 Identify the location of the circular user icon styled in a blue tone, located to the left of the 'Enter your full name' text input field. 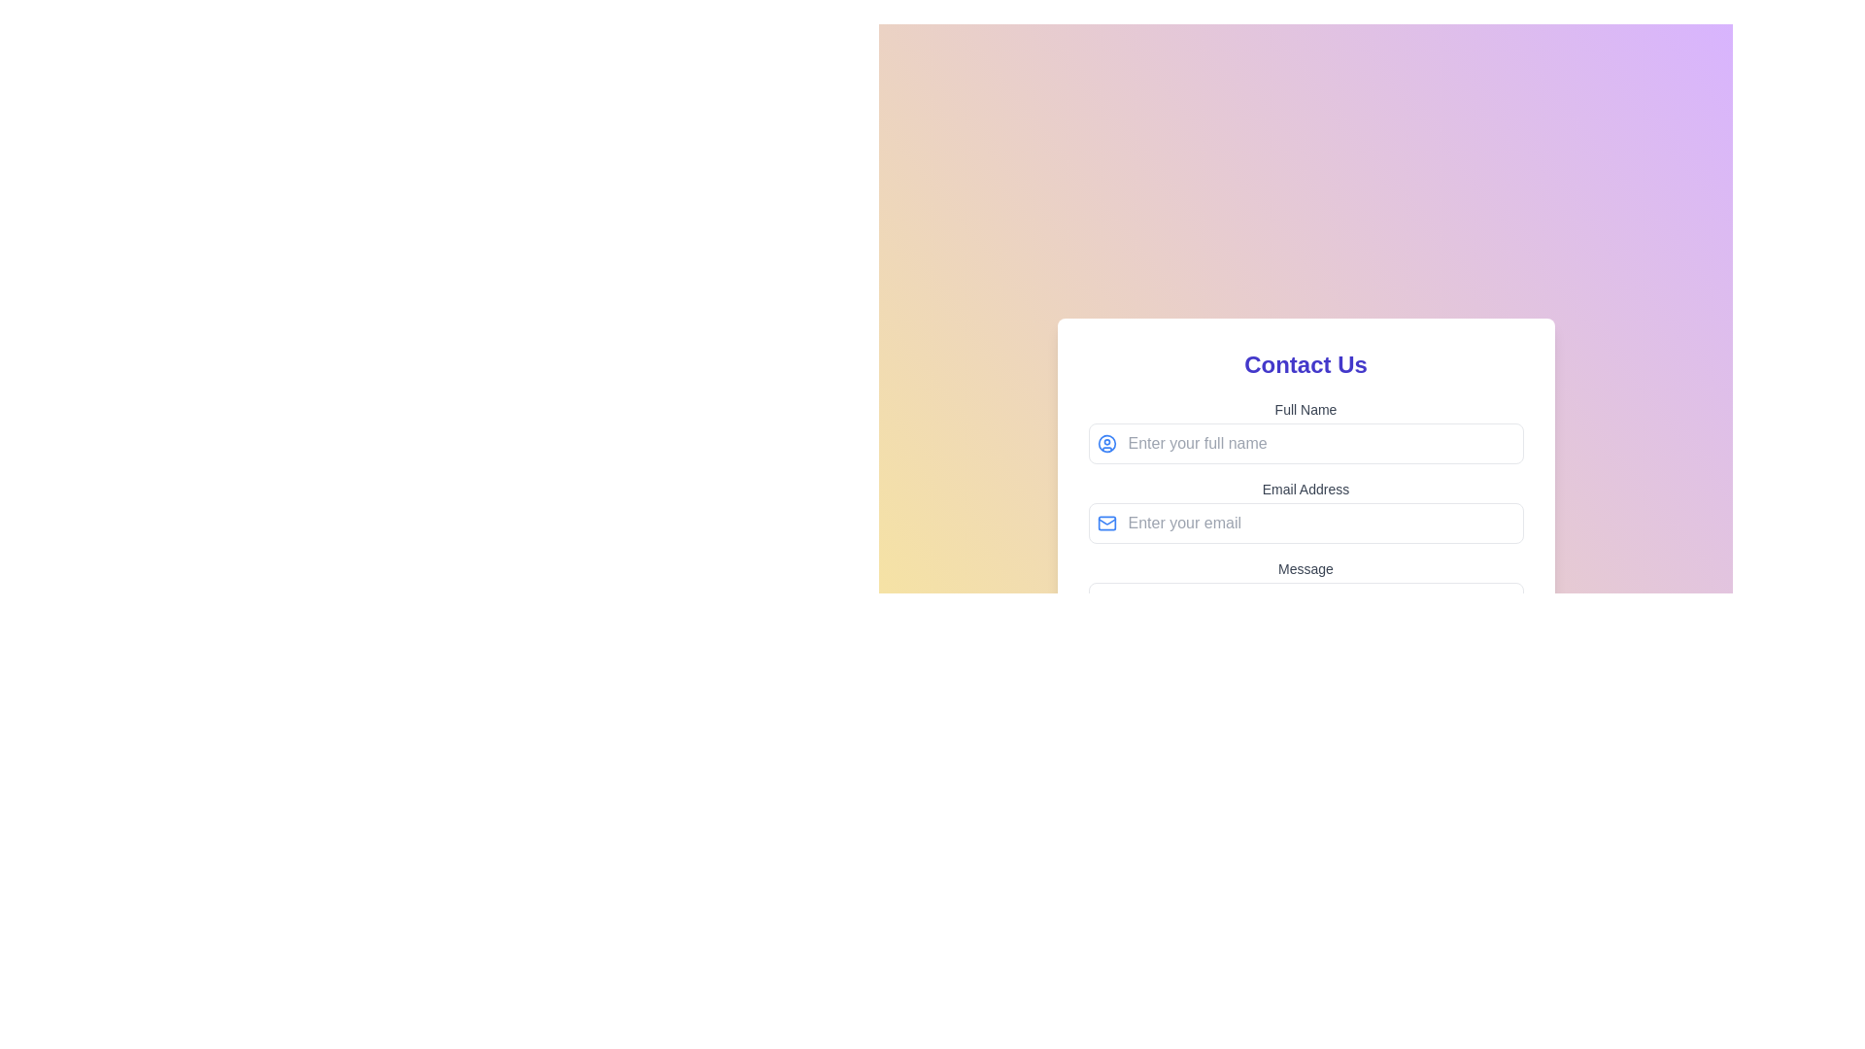
(1106, 443).